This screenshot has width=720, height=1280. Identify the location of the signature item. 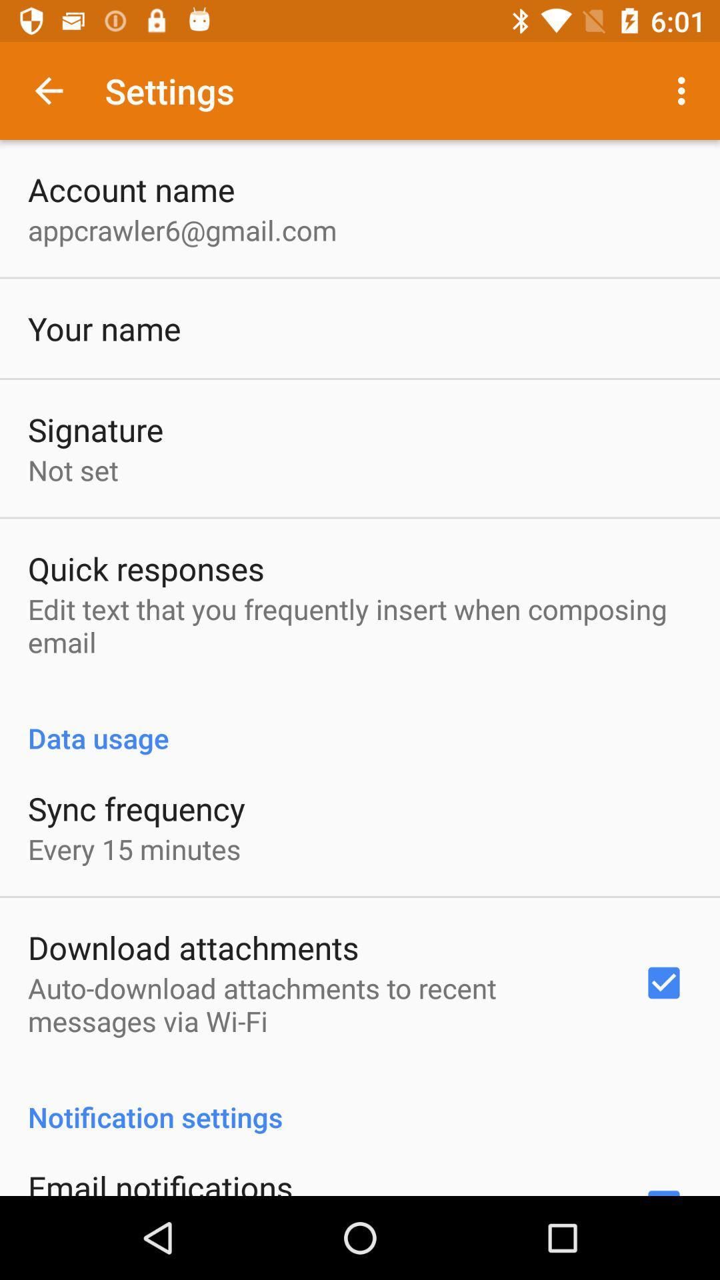
(95, 429).